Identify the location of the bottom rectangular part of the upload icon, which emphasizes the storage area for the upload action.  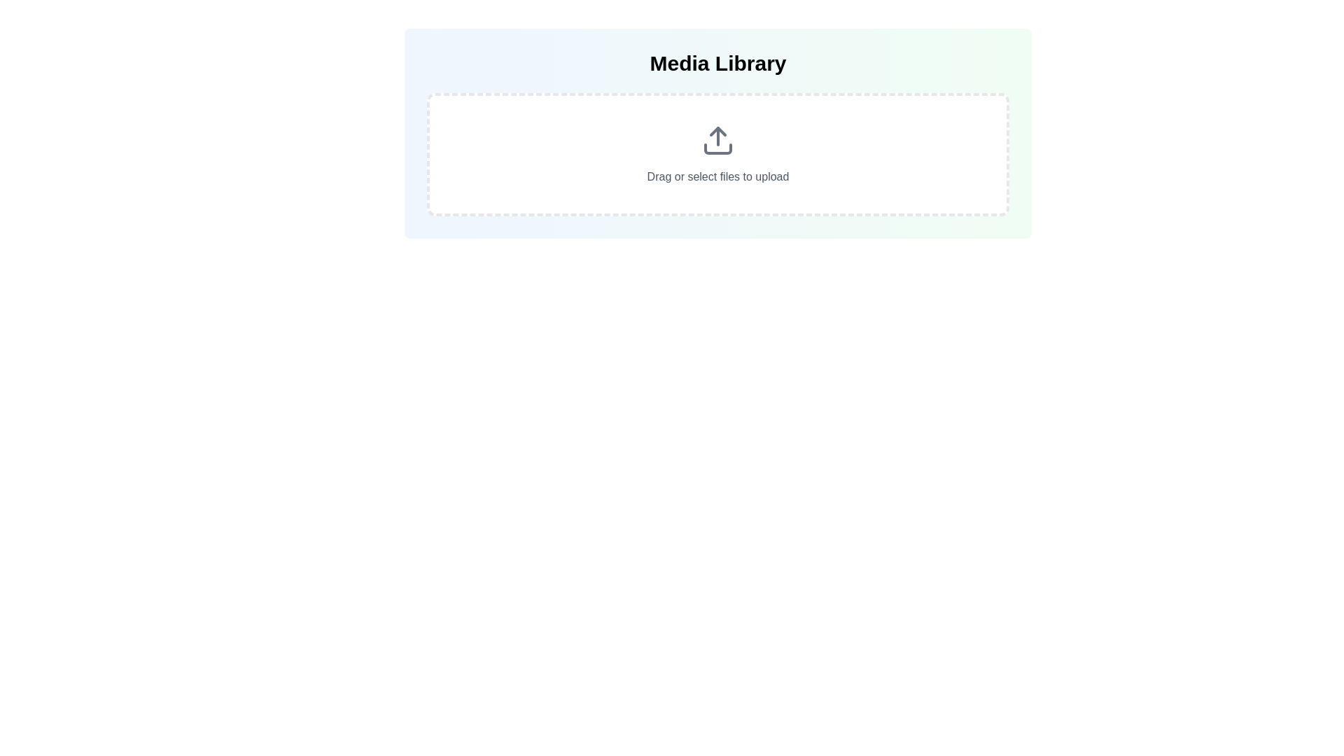
(718, 148).